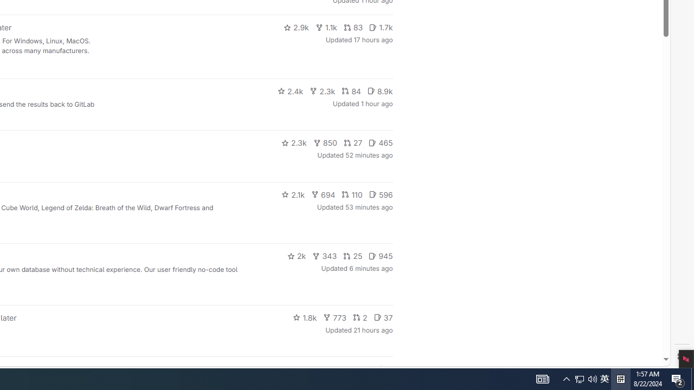 The width and height of the screenshot is (694, 390). What do you see at coordinates (325, 27) in the screenshot?
I see `'1.1k'` at bounding box center [325, 27].